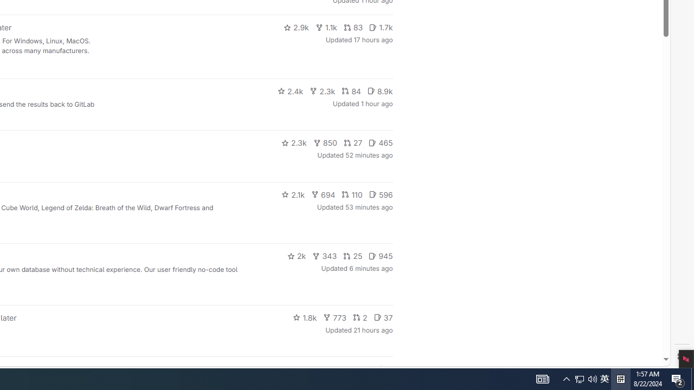 The width and height of the screenshot is (694, 390). What do you see at coordinates (325, 27) in the screenshot?
I see `'1.1k'` at bounding box center [325, 27].